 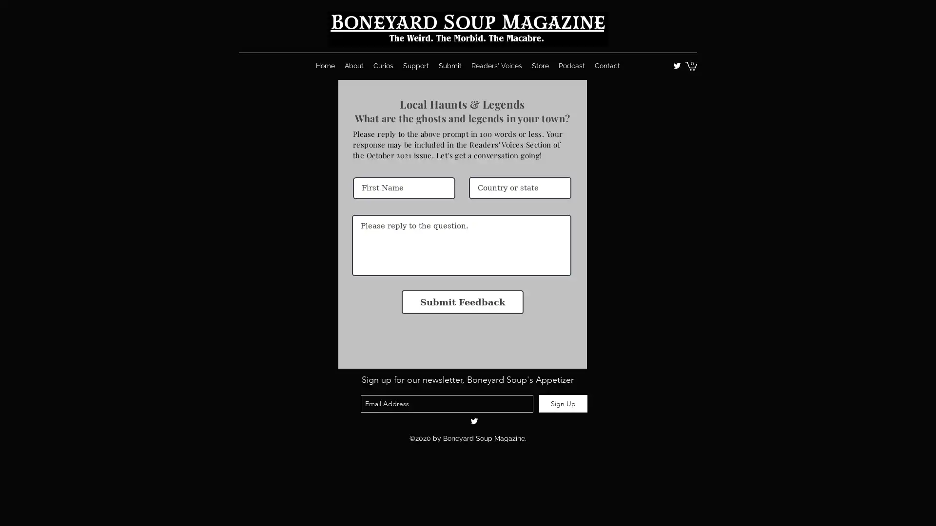 What do you see at coordinates (462, 301) in the screenshot?
I see `Submit Feedback` at bounding box center [462, 301].